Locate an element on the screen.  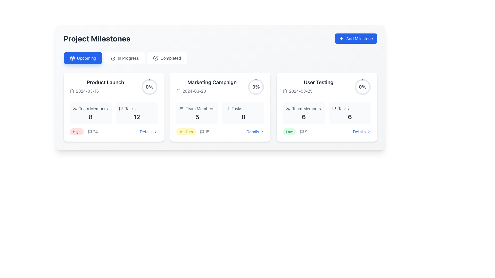
the circular graphical shape that is part of the 'checkmark inside a circle' design in the top right corner of the 'Completed' section tab for visual feedback is located at coordinates (155, 58).